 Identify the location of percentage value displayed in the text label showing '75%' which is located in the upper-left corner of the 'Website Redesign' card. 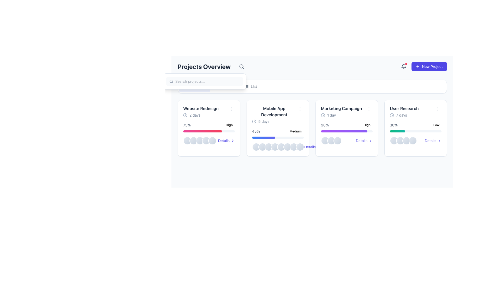
(187, 125).